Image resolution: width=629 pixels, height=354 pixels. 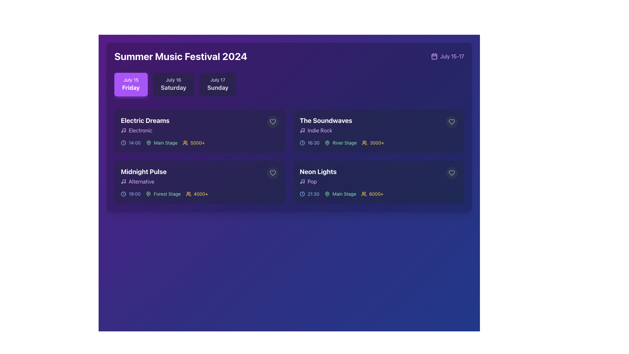 What do you see at coordinates (131, 87) in the screenshot?
I see `the bold text reading 'Friday' which is styled with a large font size and white color on a purple background, located within an interactive card component` at bounding box center [131, 87].